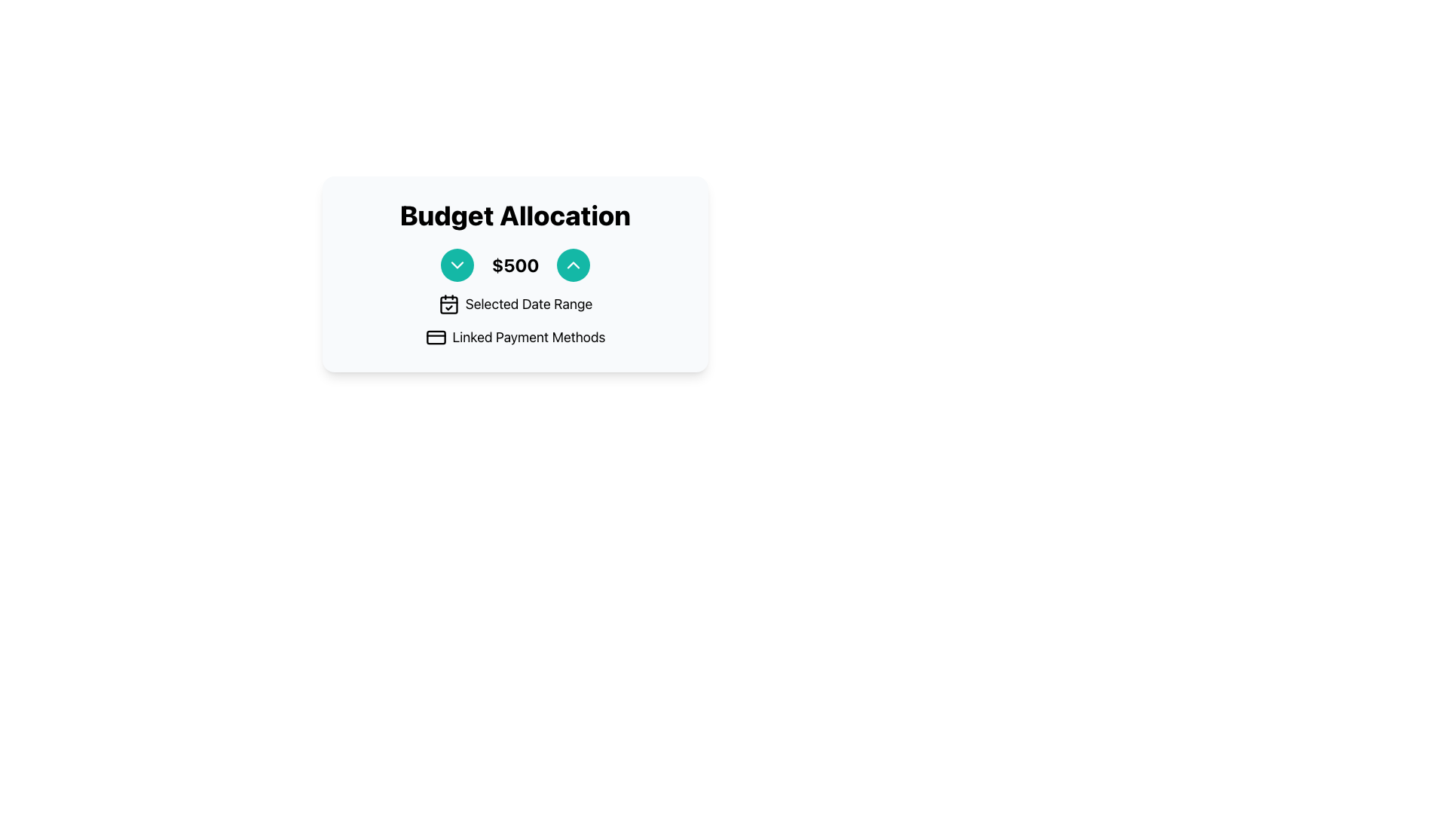 This screenshot has width=1447, height=814. What do you see at coordinates (573, 264) in the screenshot?
I see `the circular teal button with a white upward chevron icon located to the right of the '$500' text` at bounding box center [573, 264].